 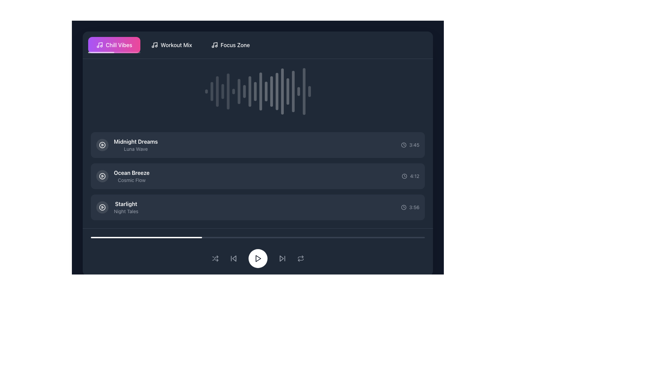 I want to click on the 'Cosmic Flow' text label, which is located directly below the 'Ocean Breeze' title in the list of entries, so click(x=132, y=180).